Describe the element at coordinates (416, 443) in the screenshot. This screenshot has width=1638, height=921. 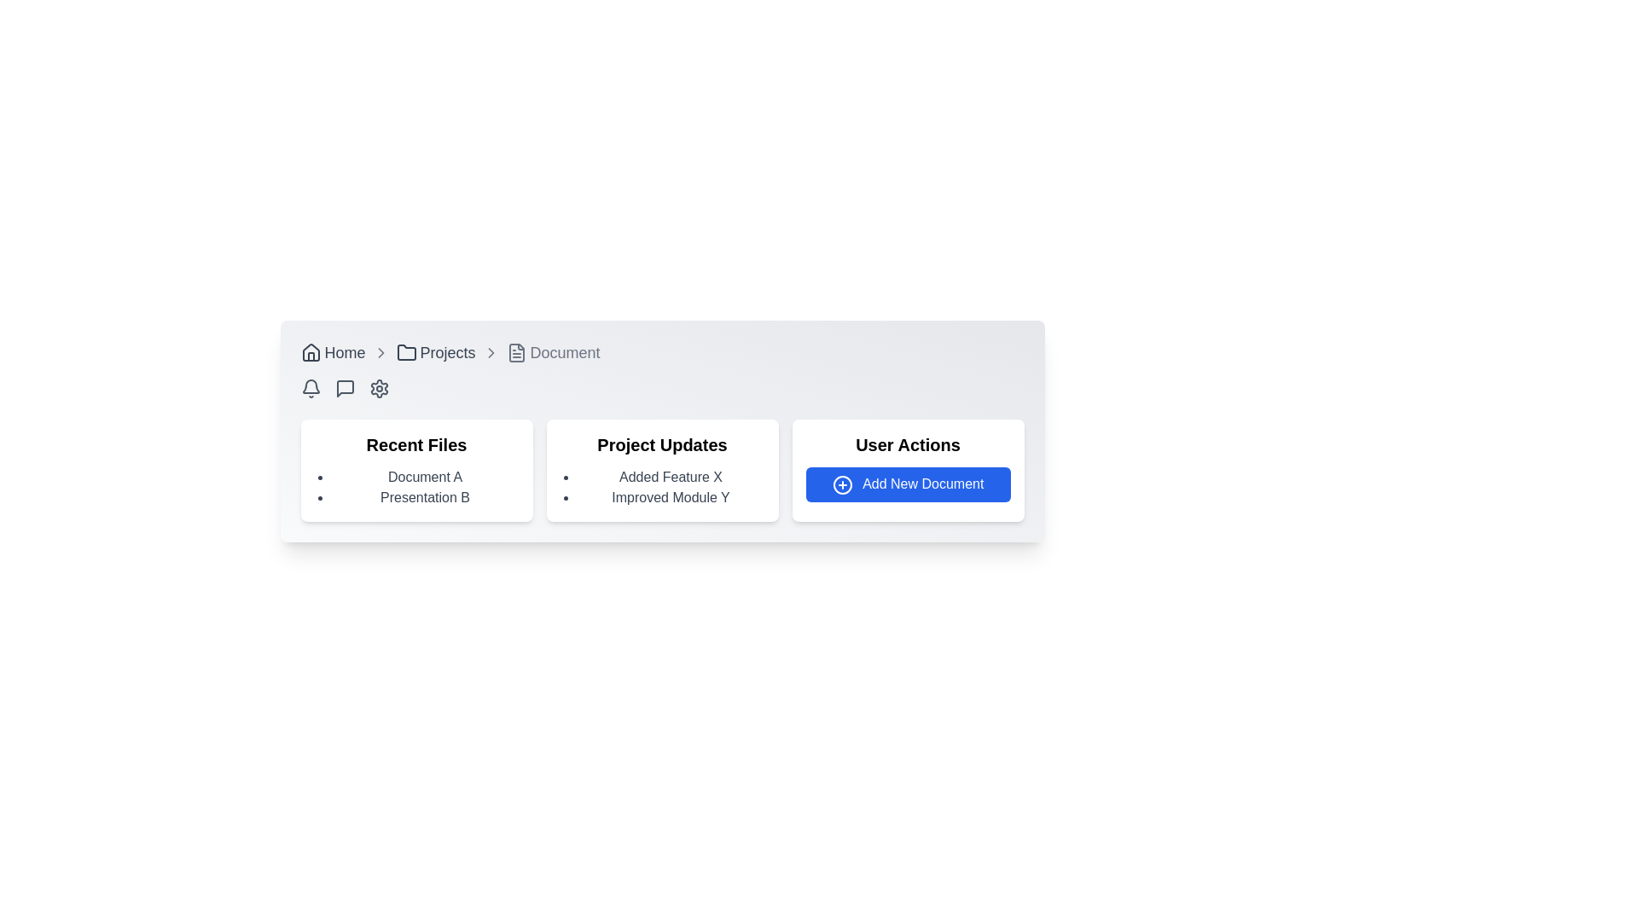
I see `the 'Recent Files' label, which is a bold, large black text indicating a section title within its card` at that location.